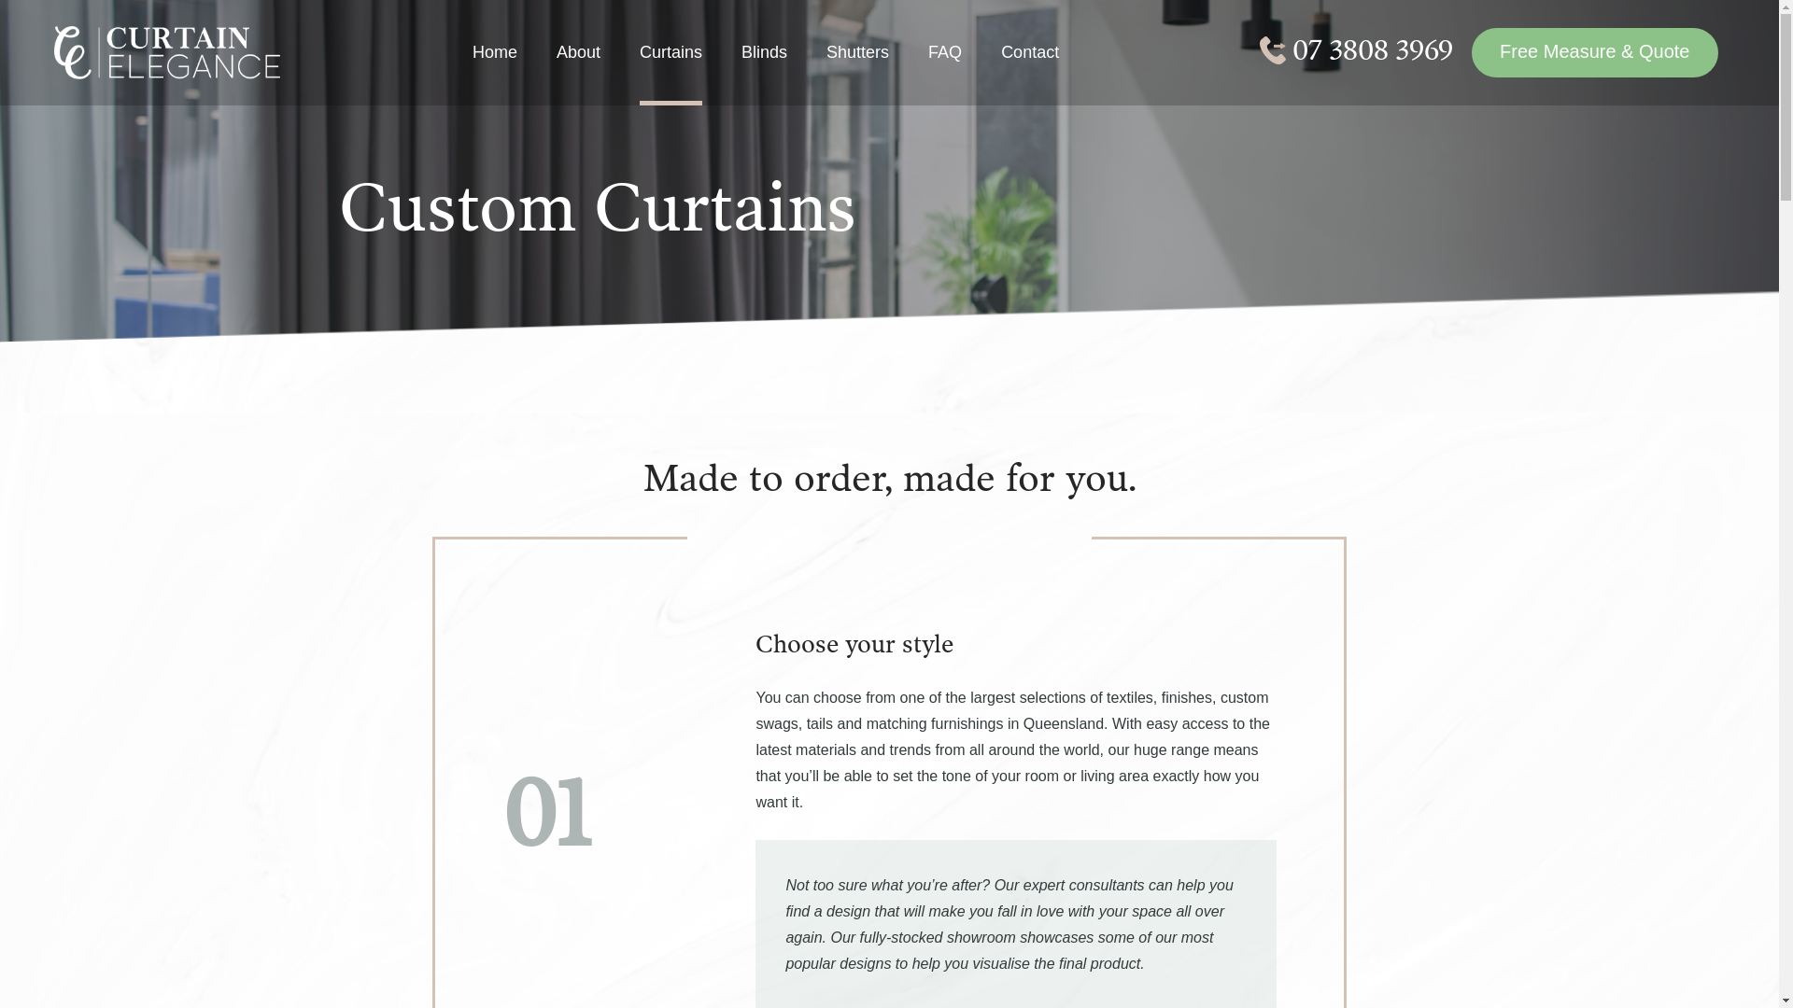  What do you see at coordinates (1356, 49) in the screenshot?
I see `'07 3808 3969'` at bounding box center [1356, 49].